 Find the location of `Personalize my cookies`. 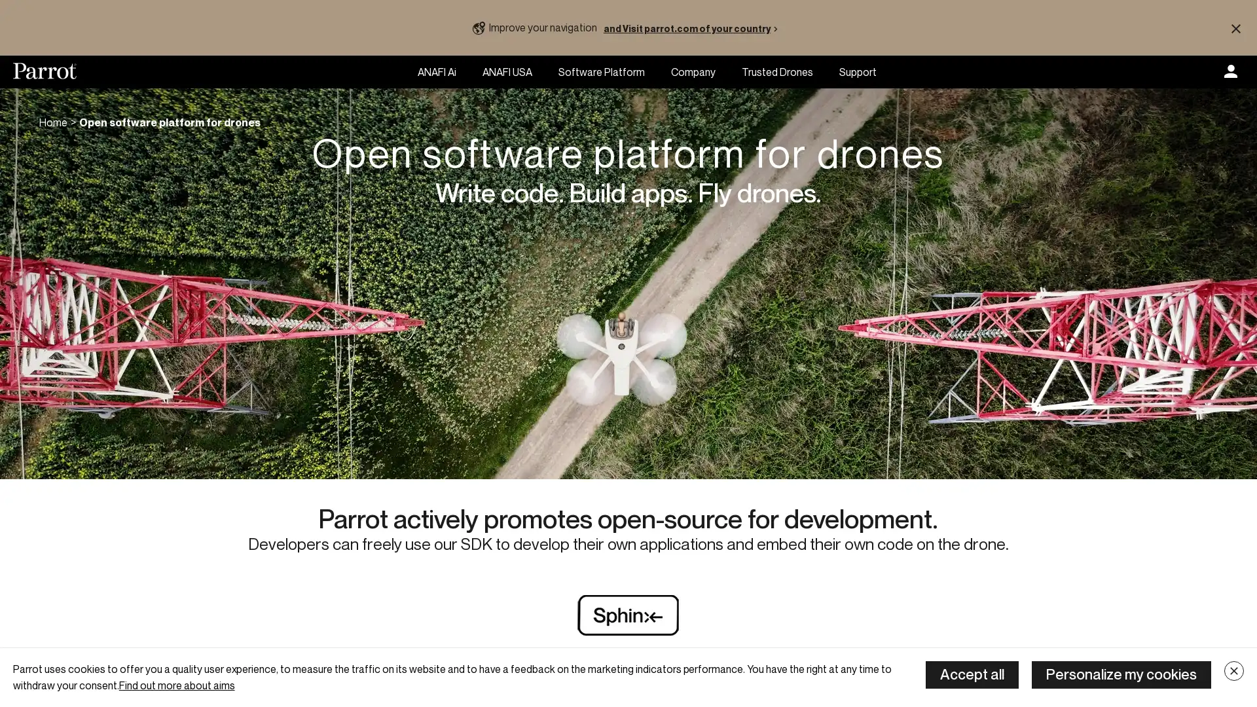

Personalize my cookies is located at coordinates (1121, 674).